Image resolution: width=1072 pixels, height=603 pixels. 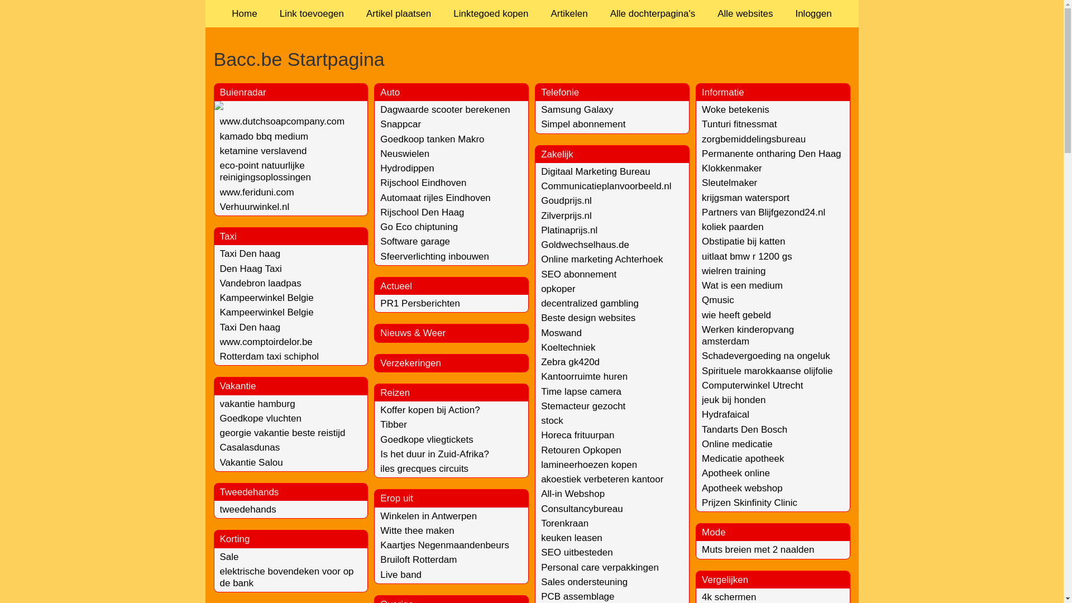 What do you see at coordinates (718, 299) in the screenshot?
I see `'Qmusic'` at bounding box center [718, 299].